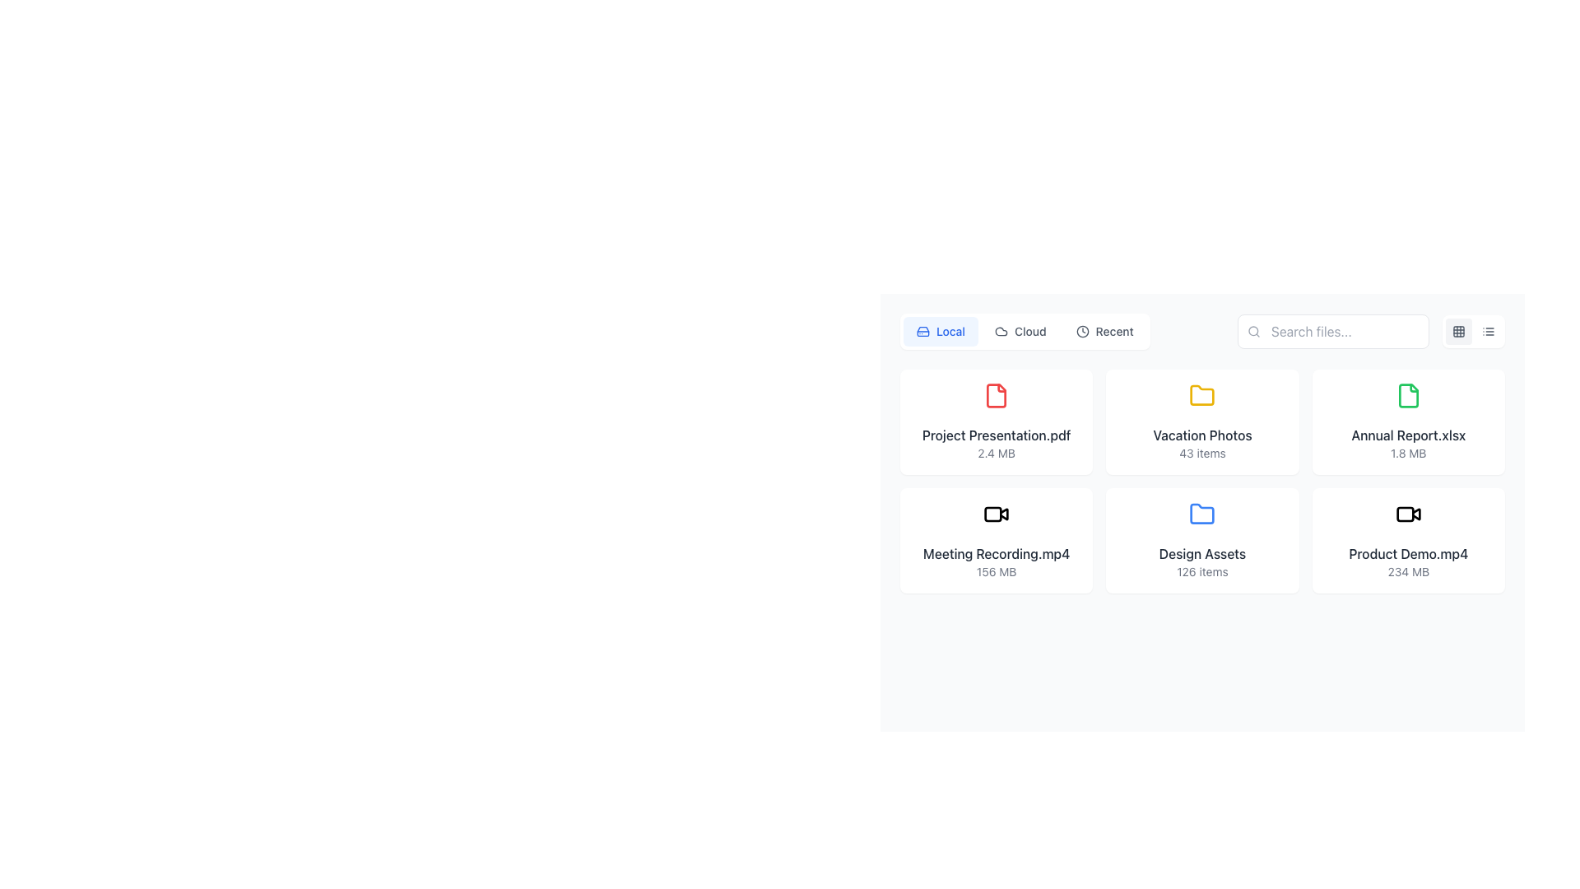  I want to click on to select the 'Vacation Photos' folder representation component located in the second column of the first row, so click(1202, 421).